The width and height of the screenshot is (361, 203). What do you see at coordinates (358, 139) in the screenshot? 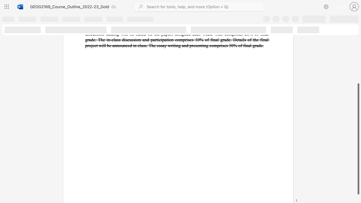
I see `the scrollbar and move down 10 pixels` at bounding box center [358, 139].